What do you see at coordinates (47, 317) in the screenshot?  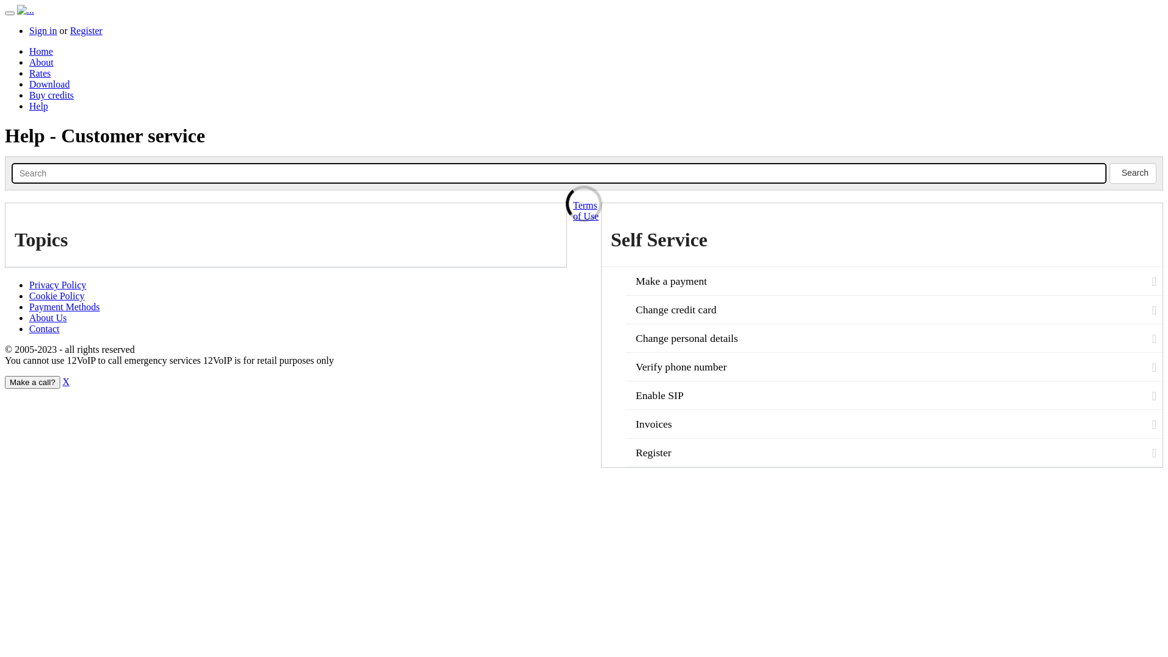 I see `'About Us'` at bounding box center [47, 317].